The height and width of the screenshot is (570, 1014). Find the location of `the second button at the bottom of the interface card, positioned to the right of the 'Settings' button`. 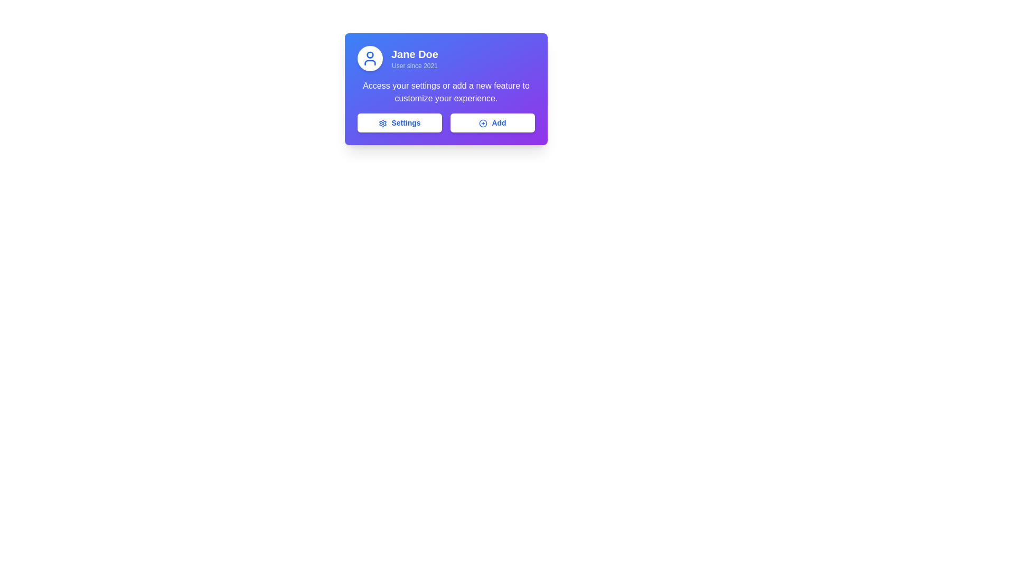

the second button at the bottom of the interface card, positioned to the right of the 'Settings' button is located at coordinates (492, 122).